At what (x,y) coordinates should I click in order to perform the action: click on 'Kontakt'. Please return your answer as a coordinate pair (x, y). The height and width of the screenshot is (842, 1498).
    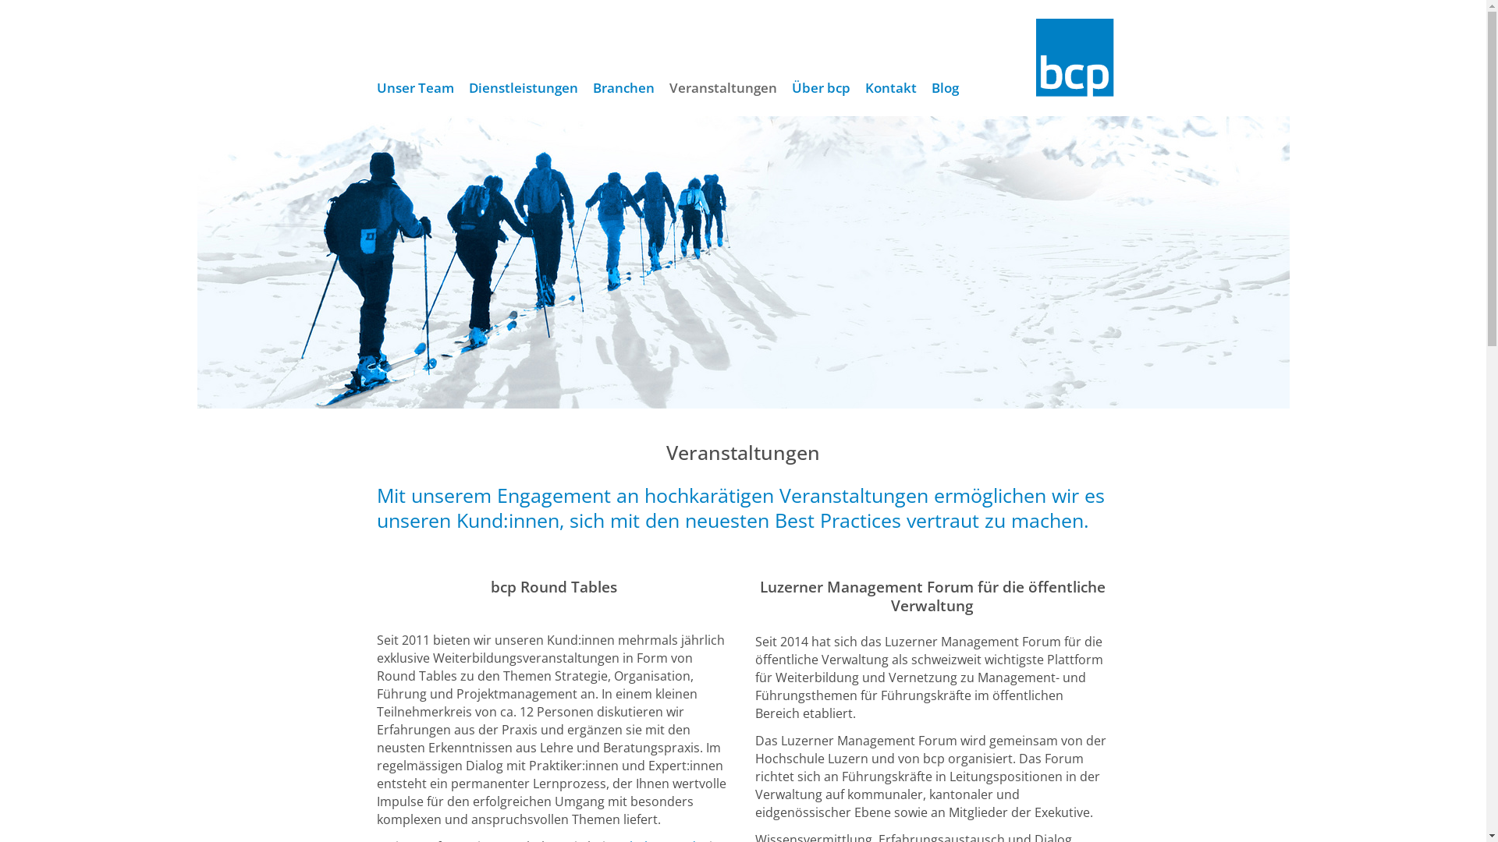
    Looking at the image, I should click on (891, 87).